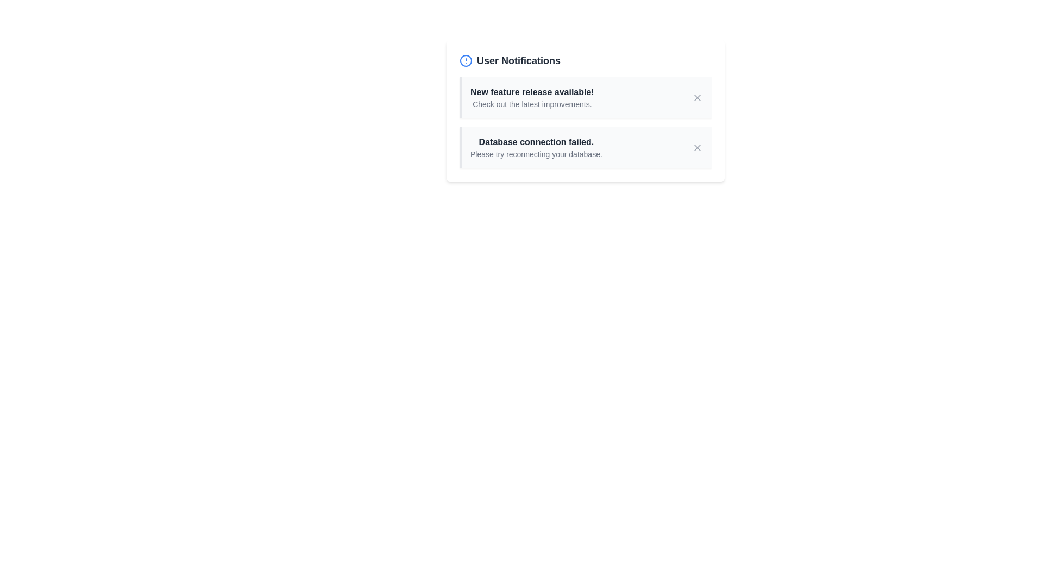  What do you see at coordinates (466, 60) in the screenshot?
I see `the decorative circle element within the SVG structure, located to the left of the 'User Notifications' header text` at bounding box center [466, 60].